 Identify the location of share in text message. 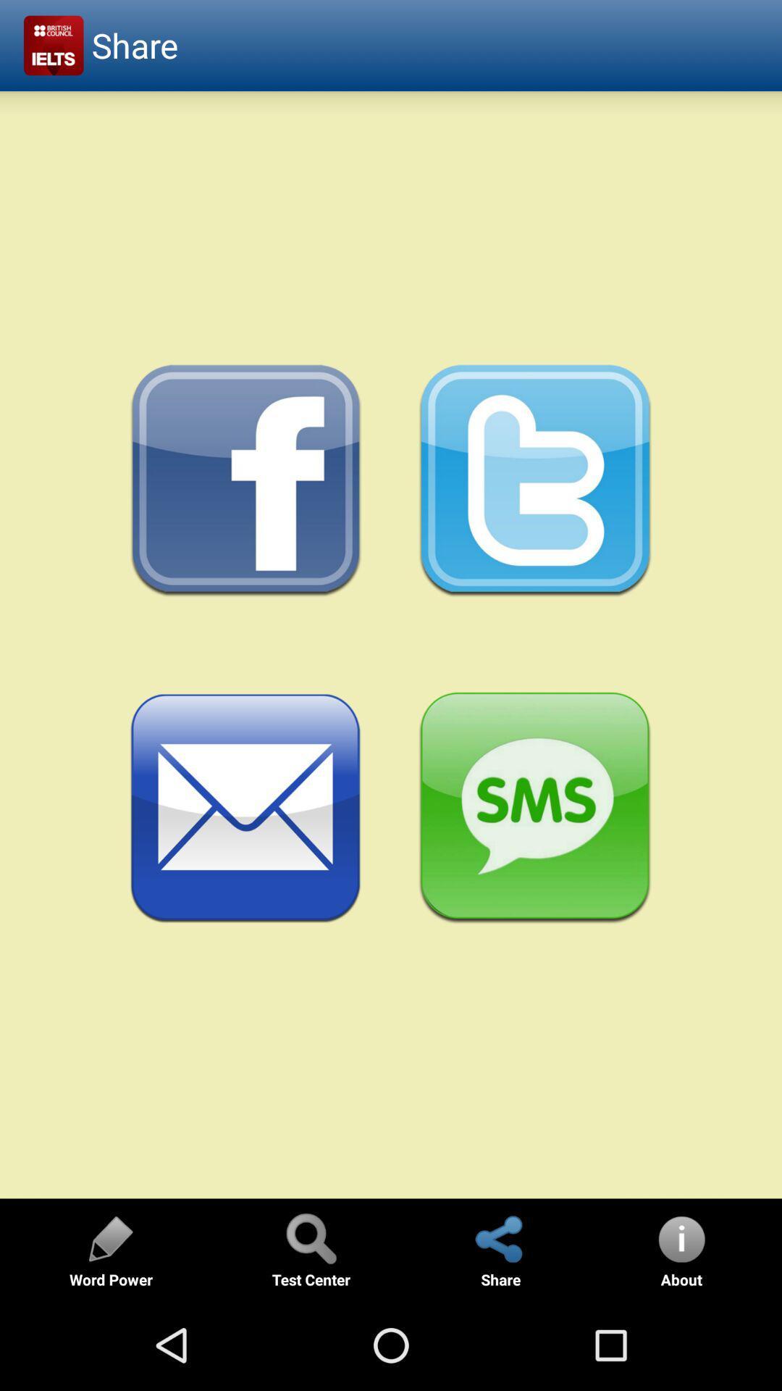
(535, 808).